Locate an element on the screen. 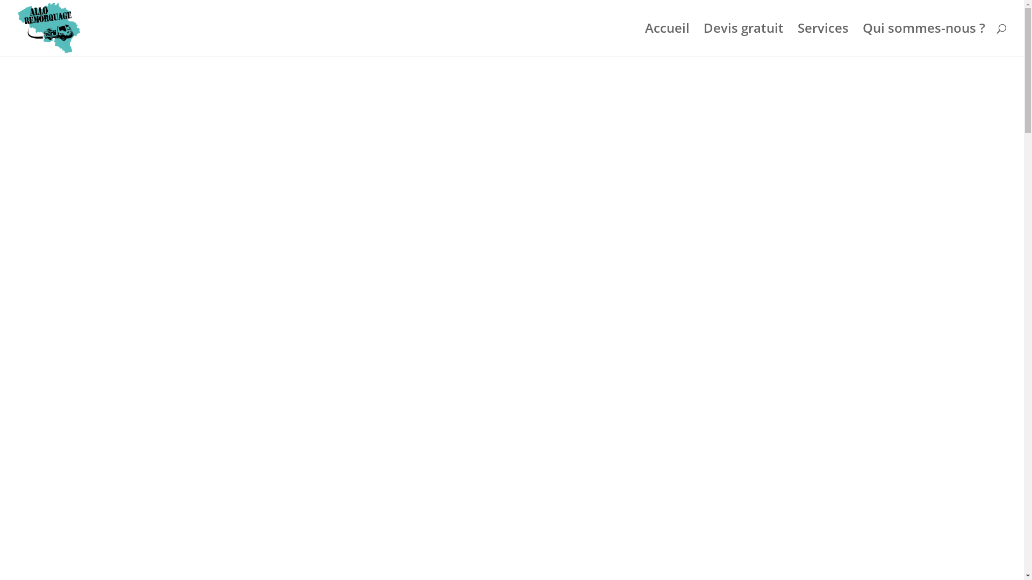 The width and height of the screenshot is (1032, 580). 'Services' is located at coordinates (822, 39).